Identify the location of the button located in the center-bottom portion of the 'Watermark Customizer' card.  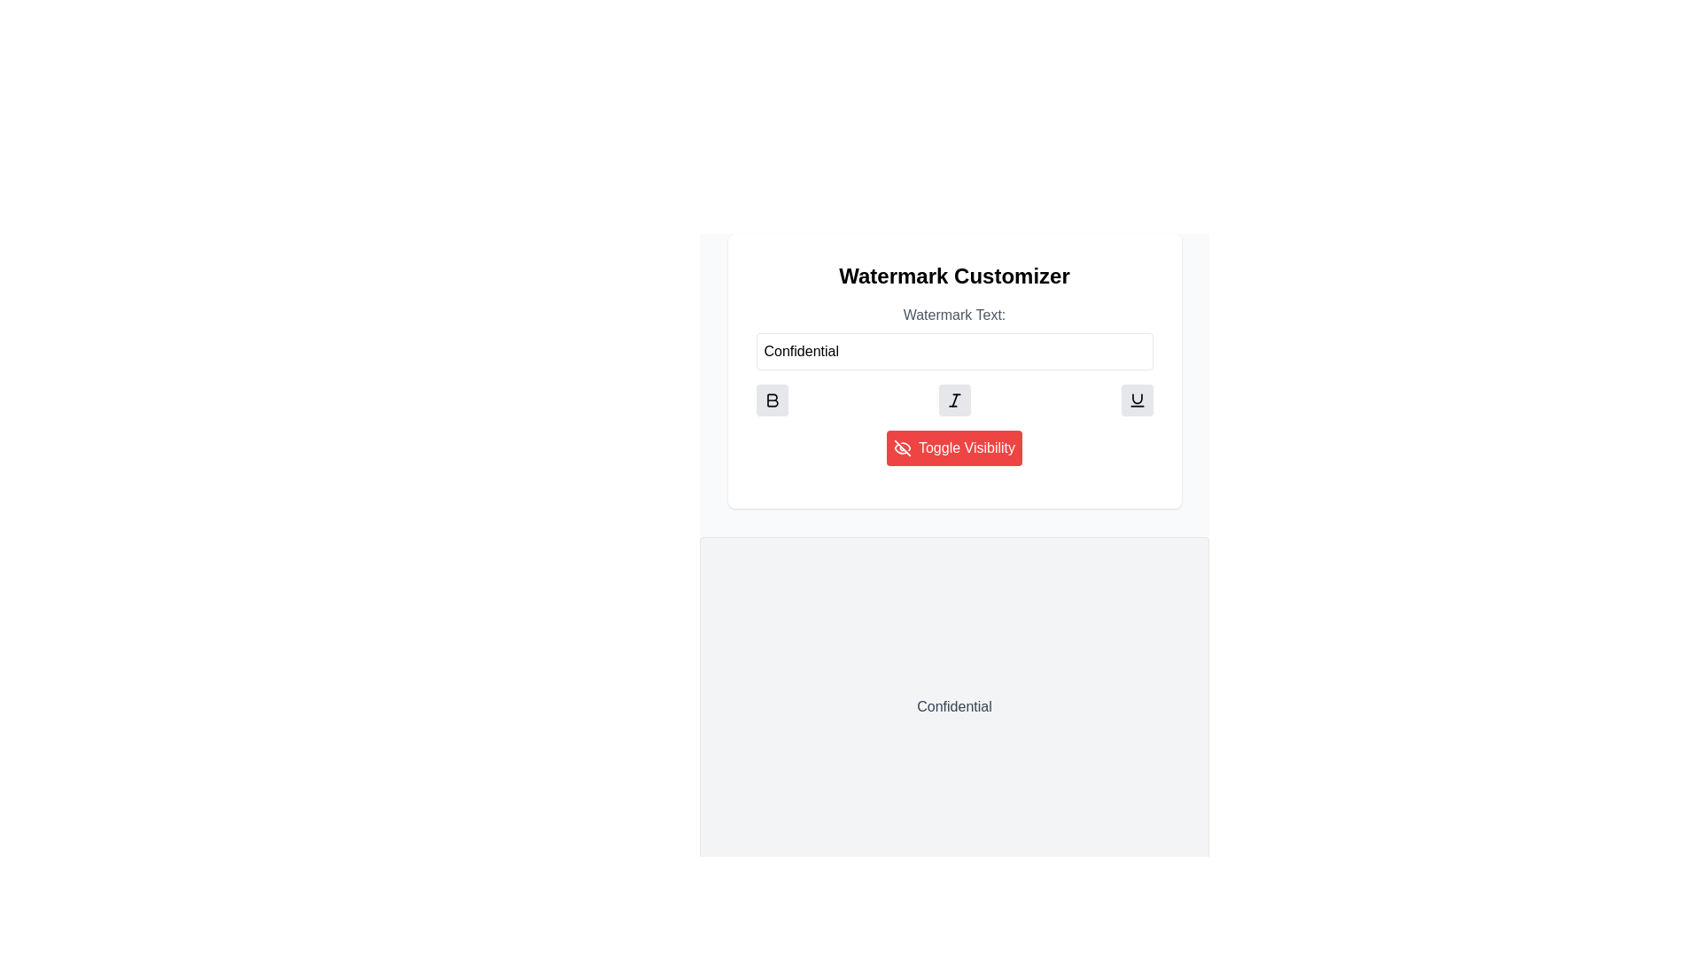
(953, 447).